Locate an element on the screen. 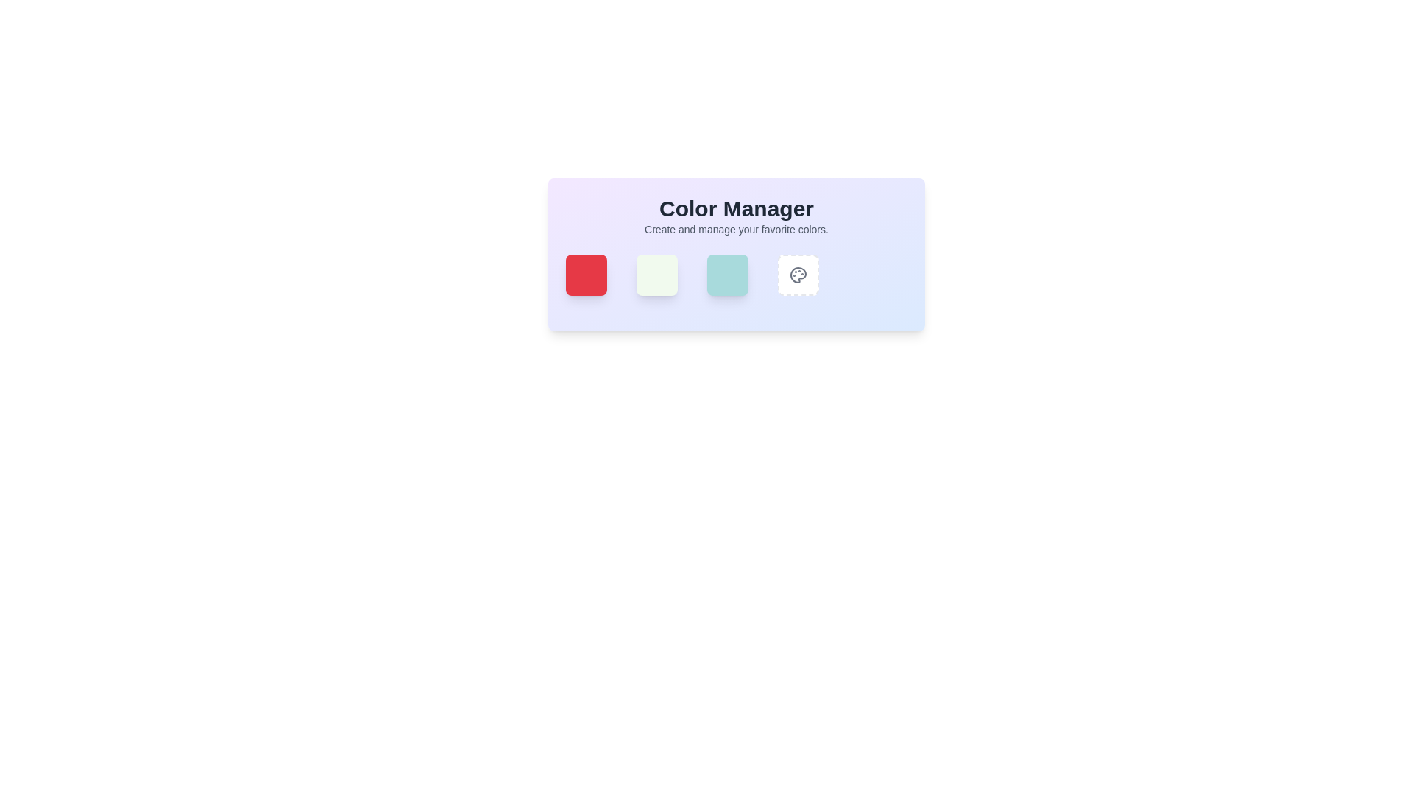 The width and height of the screenshot is (1413, 795). the third selectable button in the Color Manager section is located at coordinates (737, 275).